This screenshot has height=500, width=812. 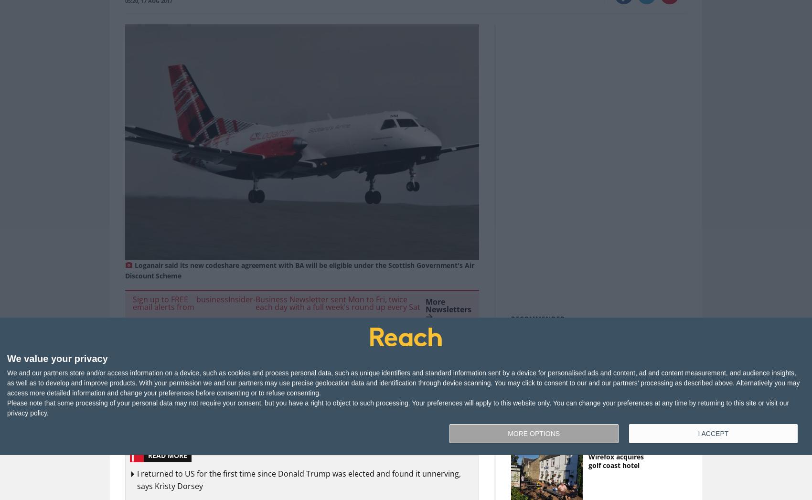 What do you see at coordinates (441, 335) in the screenshot?
I see `'Subscribe'` at bounding box center [441, 335].